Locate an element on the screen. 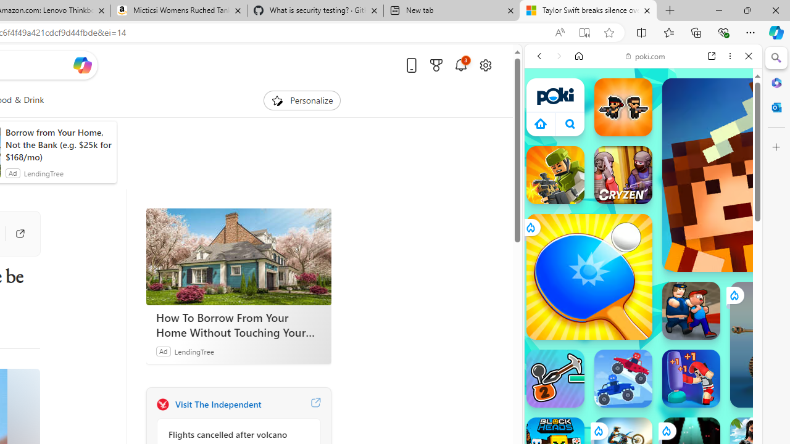 The height and width of the screenshot is (444, 790). 'Car Games' is located at coordinates (642, 289).